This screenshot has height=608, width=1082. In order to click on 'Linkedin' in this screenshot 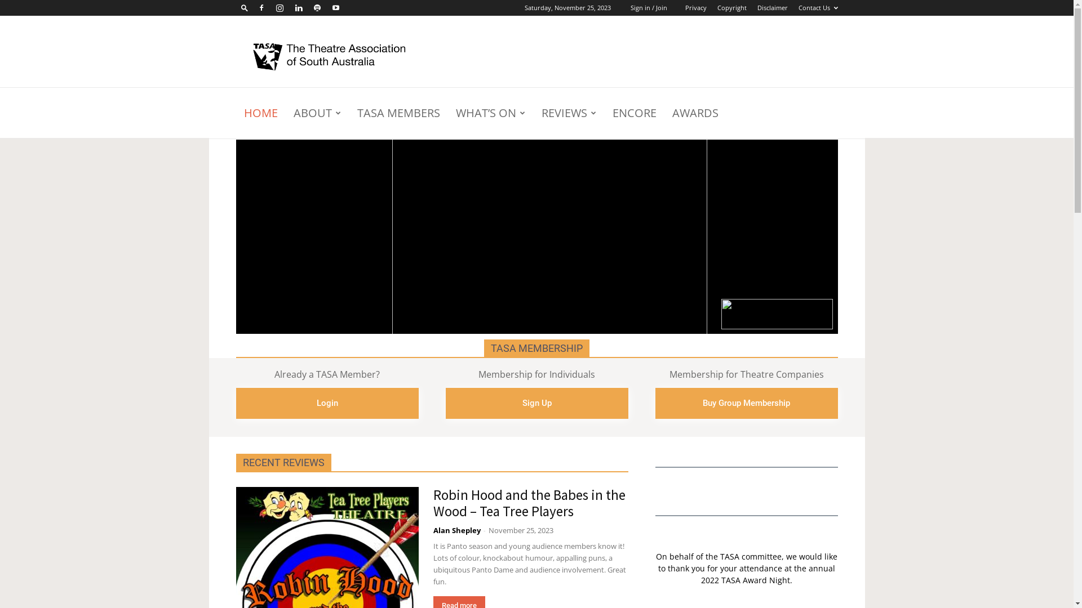, I will do `click(289, 8)`.